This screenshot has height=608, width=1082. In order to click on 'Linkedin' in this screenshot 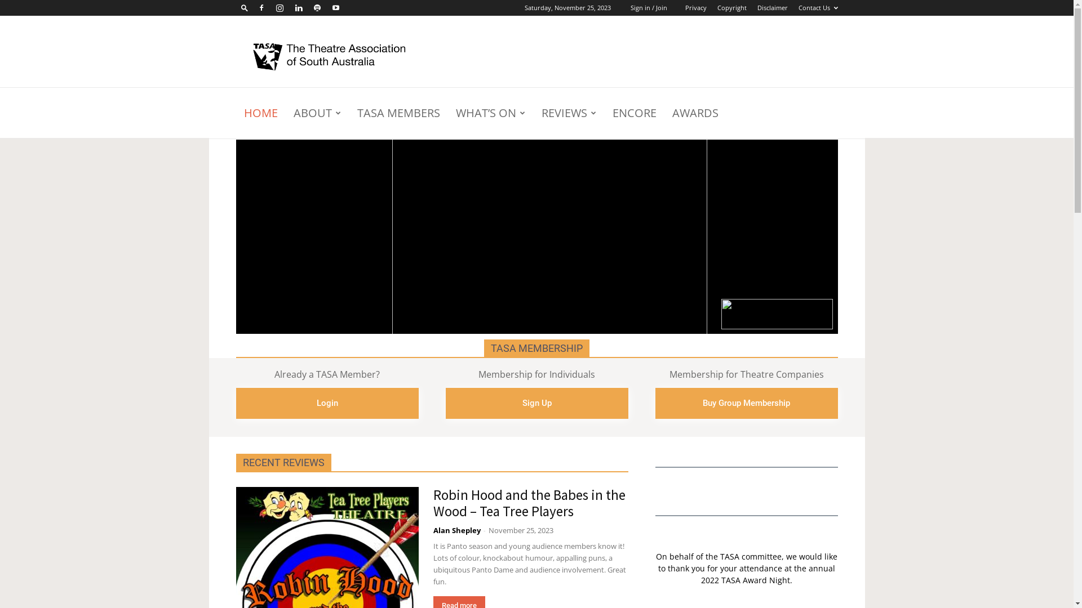, I will do `click(289, 8)`.